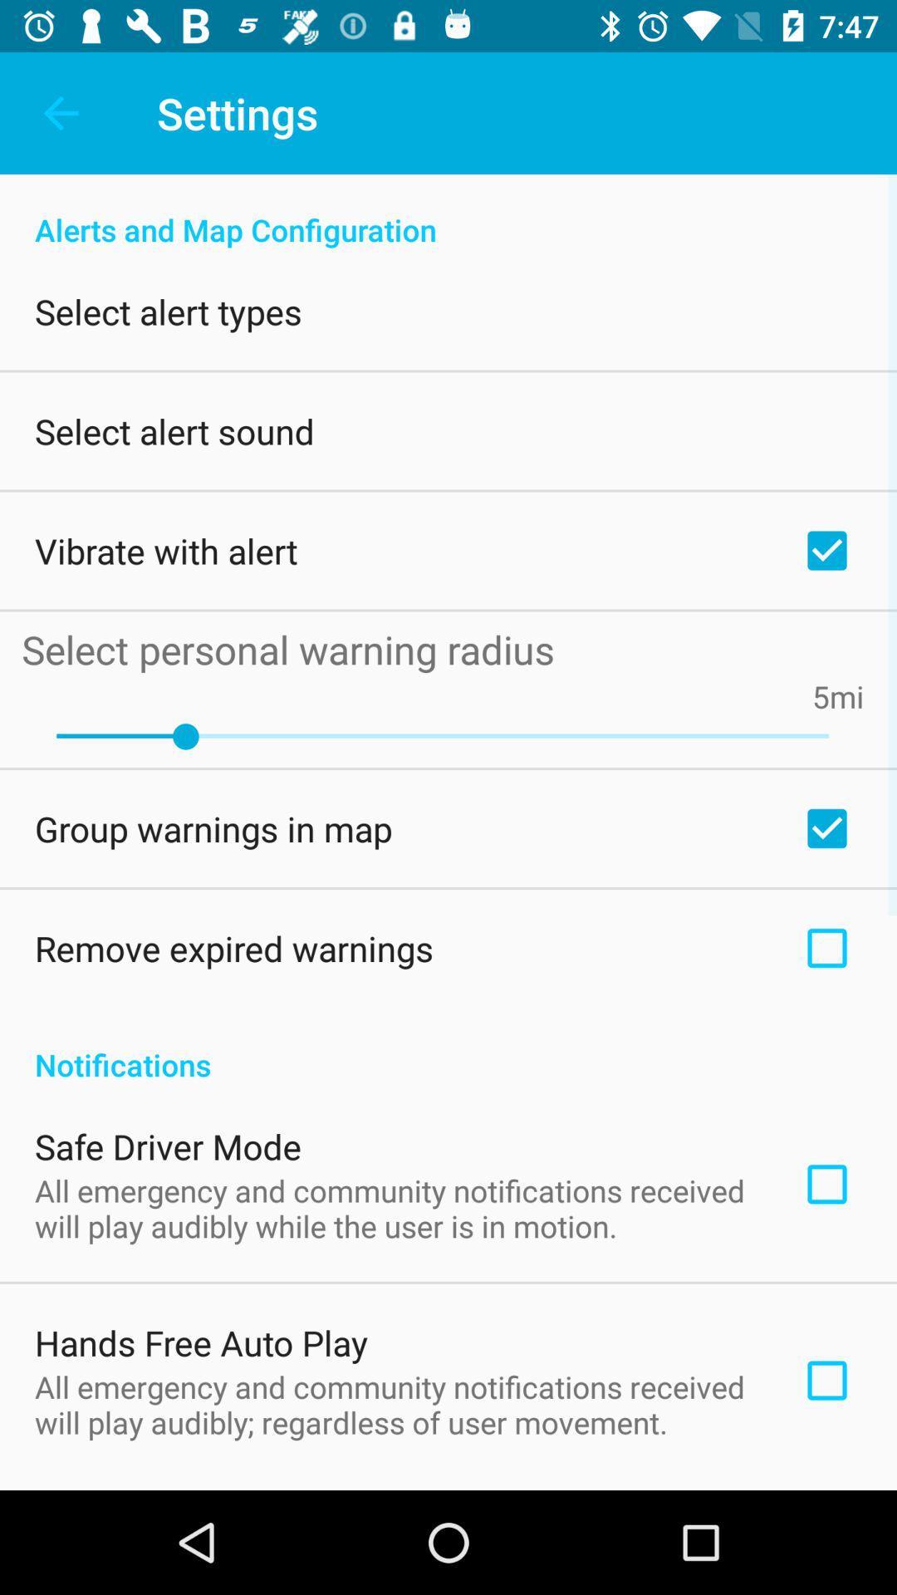 The width and height of the screenshot is (897, 1595). I want to click on icon to the left of settings item, so click(60, 112).